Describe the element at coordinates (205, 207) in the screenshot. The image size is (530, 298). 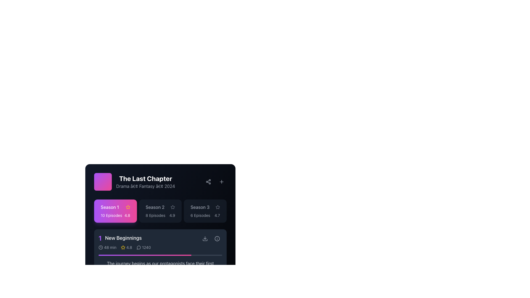
I see `the 'Season 3' button, which is styled with light gray text and located in the upper-right portion of a card-like component` at that location.